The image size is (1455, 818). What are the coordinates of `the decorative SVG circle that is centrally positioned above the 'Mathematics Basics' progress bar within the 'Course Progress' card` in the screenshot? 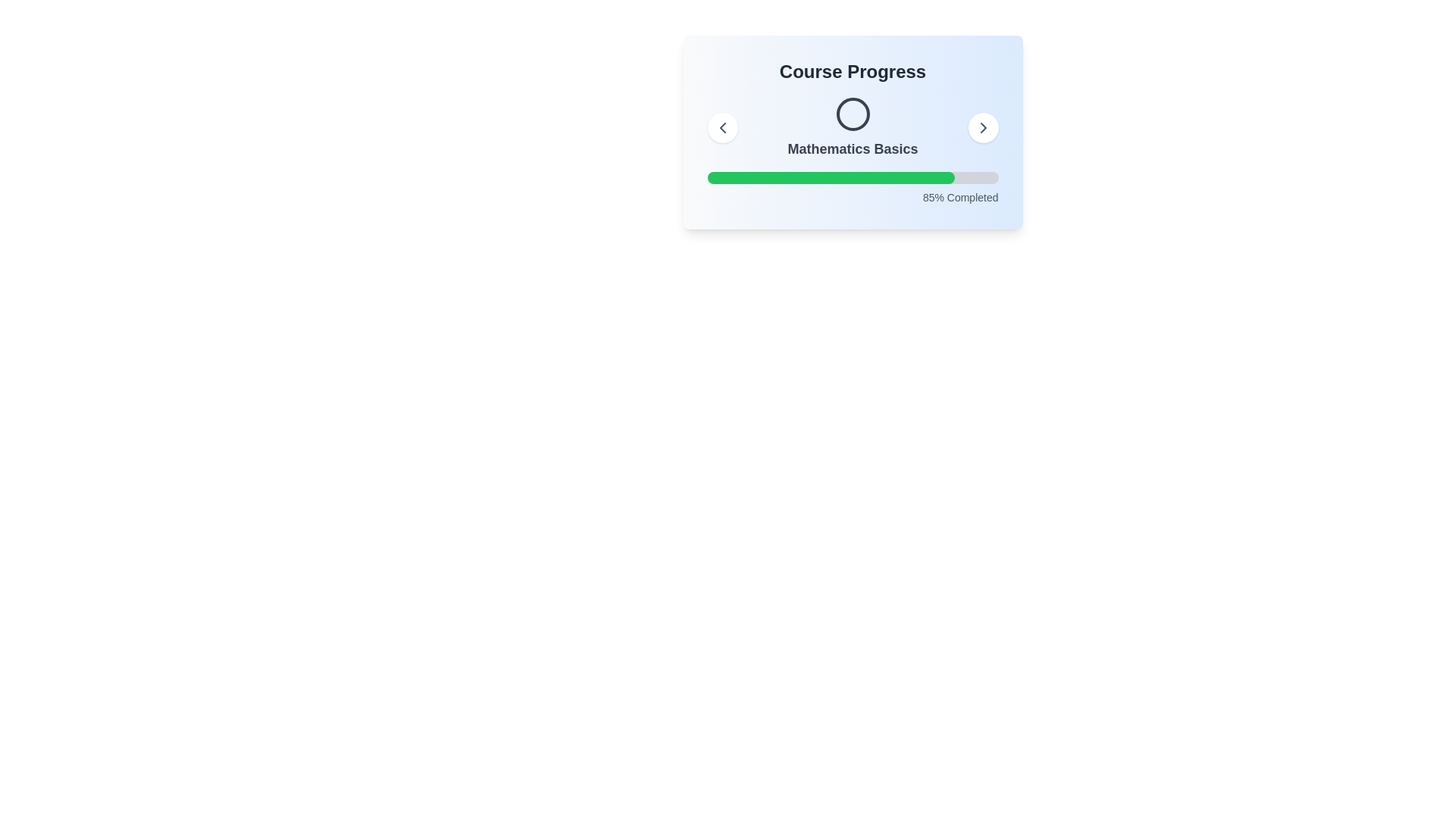 It's located at (853, 113).